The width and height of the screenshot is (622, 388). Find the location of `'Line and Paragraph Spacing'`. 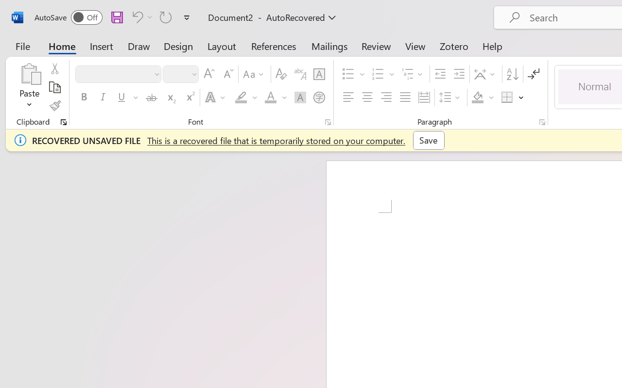

'Line and Paragraph Spacing' is located at coordinates (450, 97).